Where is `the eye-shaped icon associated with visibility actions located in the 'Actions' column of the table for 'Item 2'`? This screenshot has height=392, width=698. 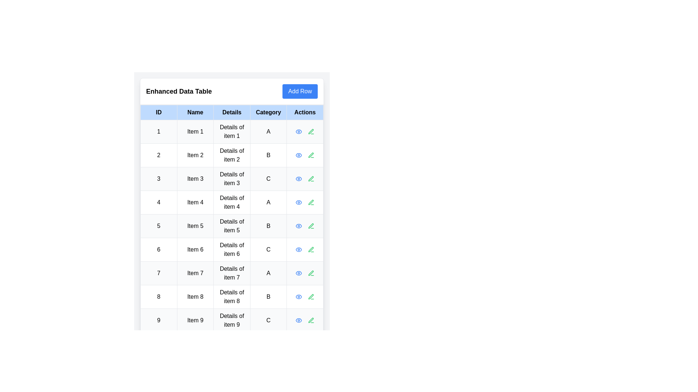 the eye-shaped icon associated with visibility actions located in the 'Actions' column of the table for 'Item 2' is located at coordinates (299, 155).